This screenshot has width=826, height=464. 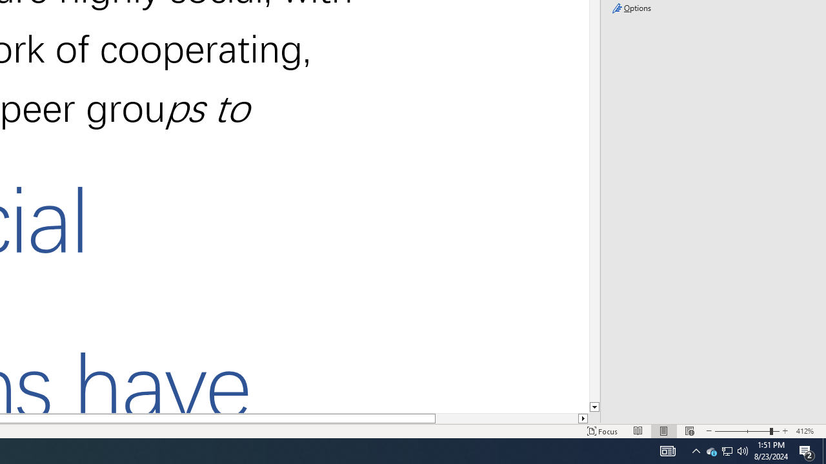 What do you see at coordinates (747, 431) in the screenshot?
I see `'Zoom'` at bounding box center [747, 431].